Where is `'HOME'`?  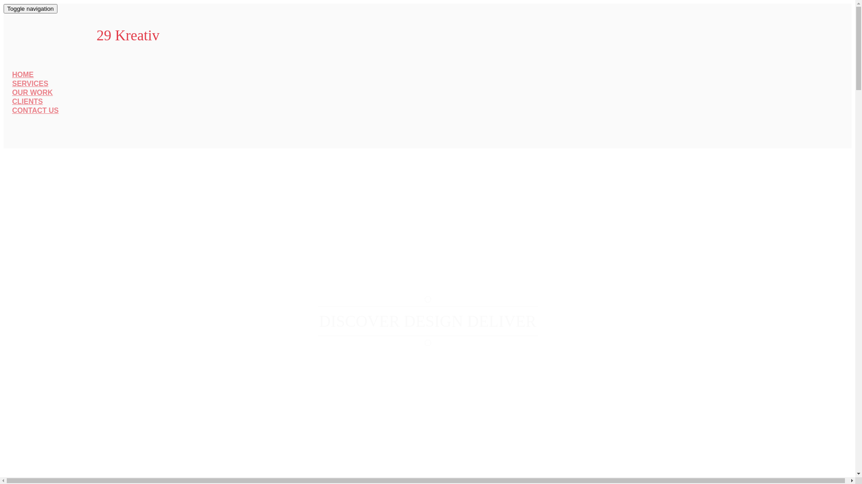
'HOME' is located at coordinates (23, 74).